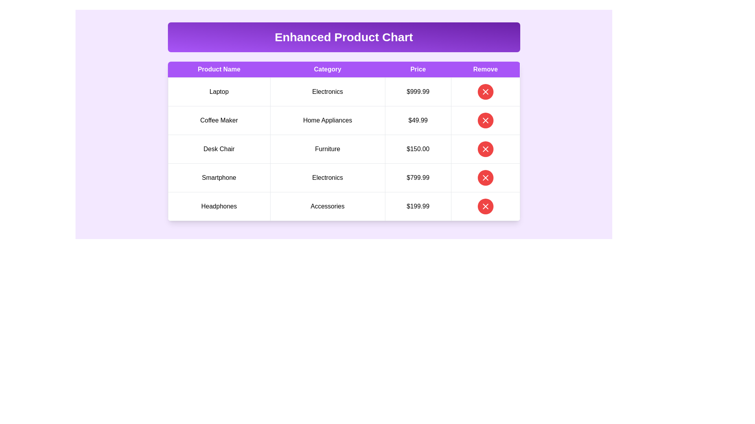  I want to click on the red circular button with an 'X' icon in the 'Remove' column of the 'Coffee Maker' row to change its color, so click(485, 121).